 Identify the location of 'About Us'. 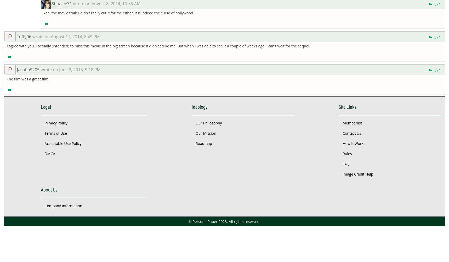
(41, 189).